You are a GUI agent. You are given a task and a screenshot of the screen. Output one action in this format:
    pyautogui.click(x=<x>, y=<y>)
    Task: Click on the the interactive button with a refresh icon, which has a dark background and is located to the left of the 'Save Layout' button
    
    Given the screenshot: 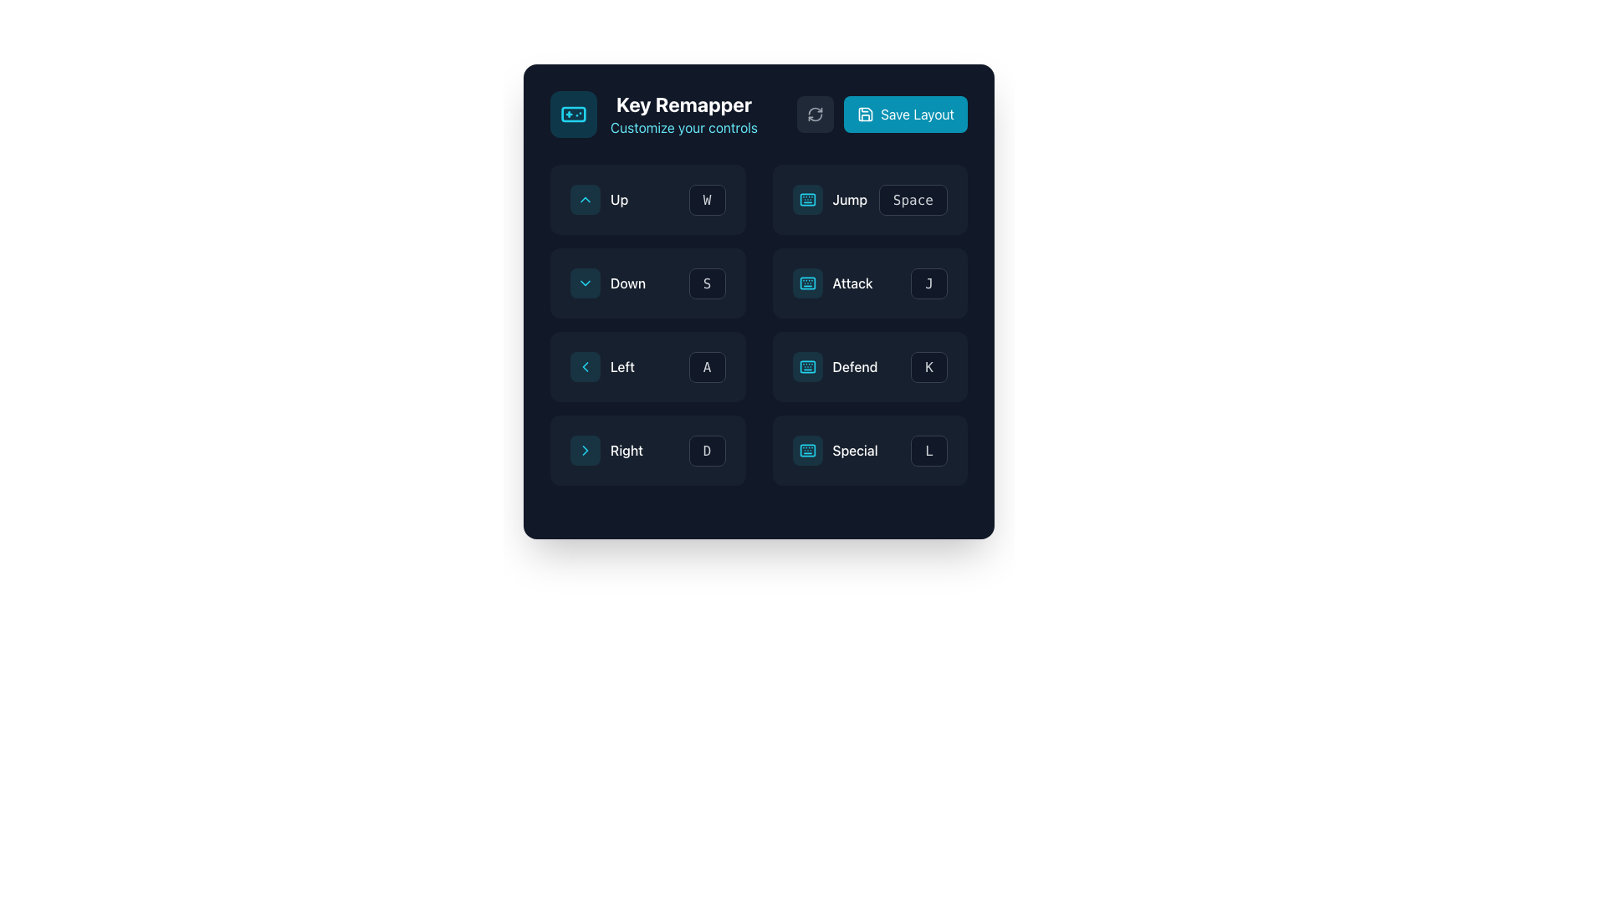 What is the action you would take?
    pyautogui.click(x=816, y=114)
    